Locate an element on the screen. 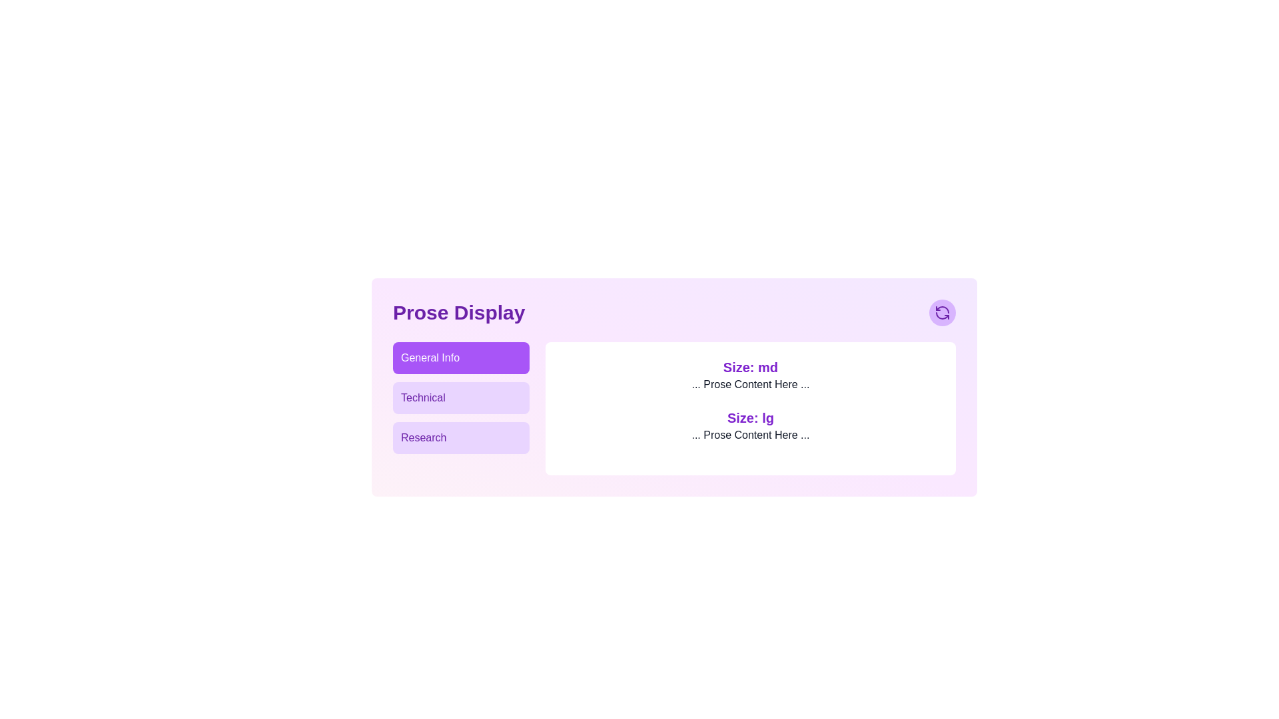  the 'Technical' button located in the sidebar, positioned between 'General Info' and 'Research', to make it active is located at coordinates (461, 397).